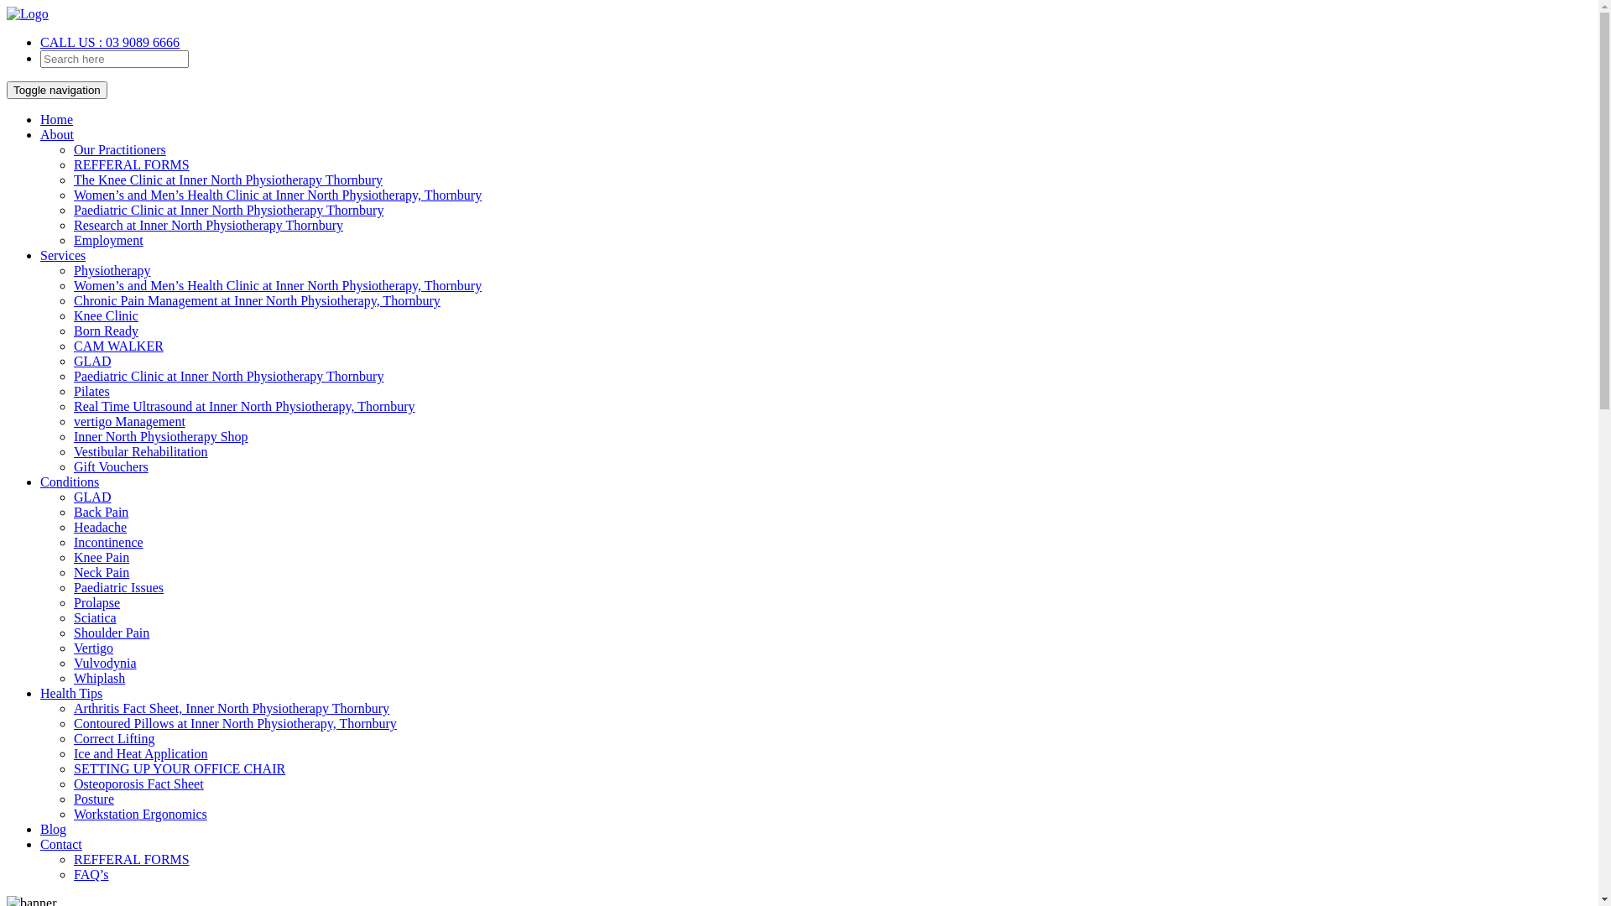 The height and width of the screenshot is (906, 1611). Describe the element at coordinates (72, 269) in the screenshot. I see `'Physiotherapy'` at that location.